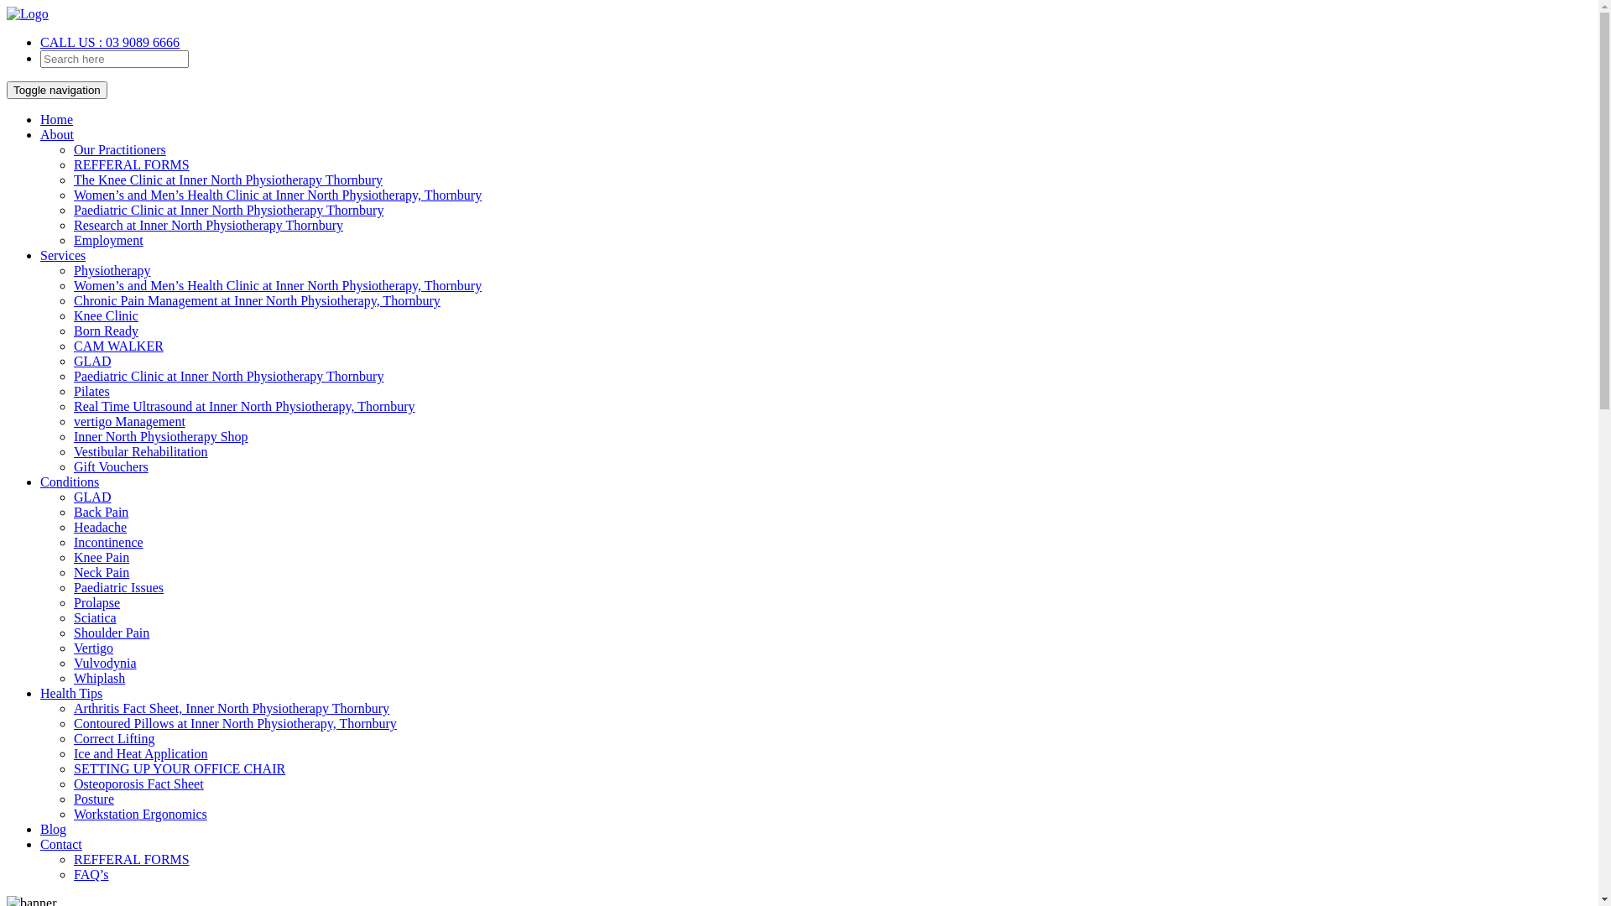 The height and width of the screenshot is (906, 1611). Describe the element at coordinates (72, 269) in the screenshot. I see `'Physiotherapy'` at that location.